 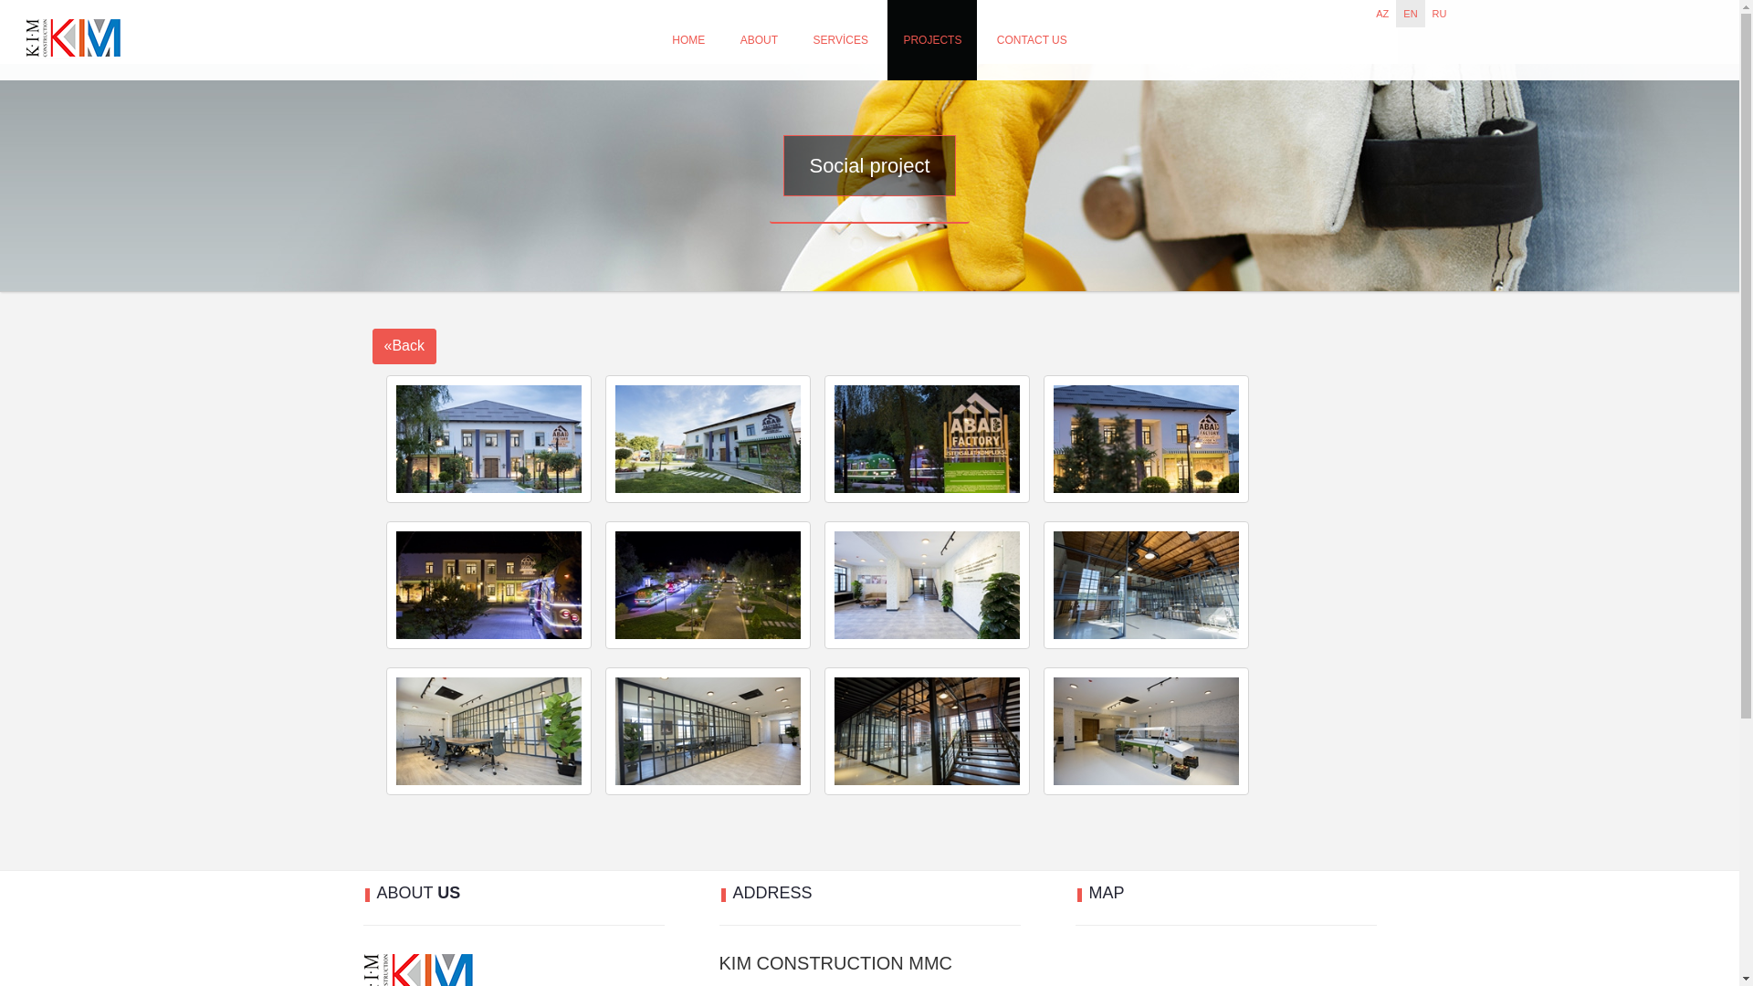 What do you see at coordinates (1032, 39) in the screenshot?
I see `'CONTACT US'` at bounding box center [1032, 39].